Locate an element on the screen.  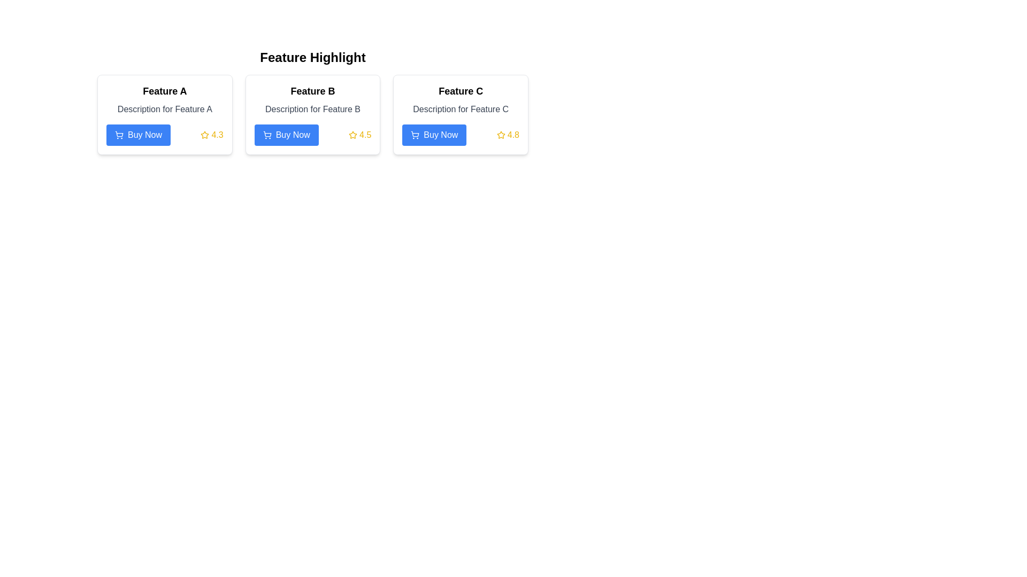
keyboard navigation is located at coordinates (286, 135).